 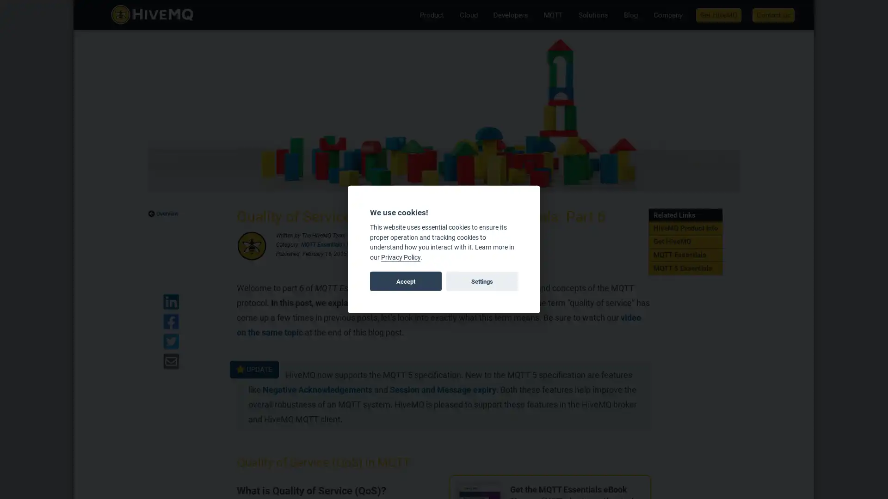 What do you see at coordinates (481, 281) in the screenshot?
I see `Settings` at bounding box center [481, 281].